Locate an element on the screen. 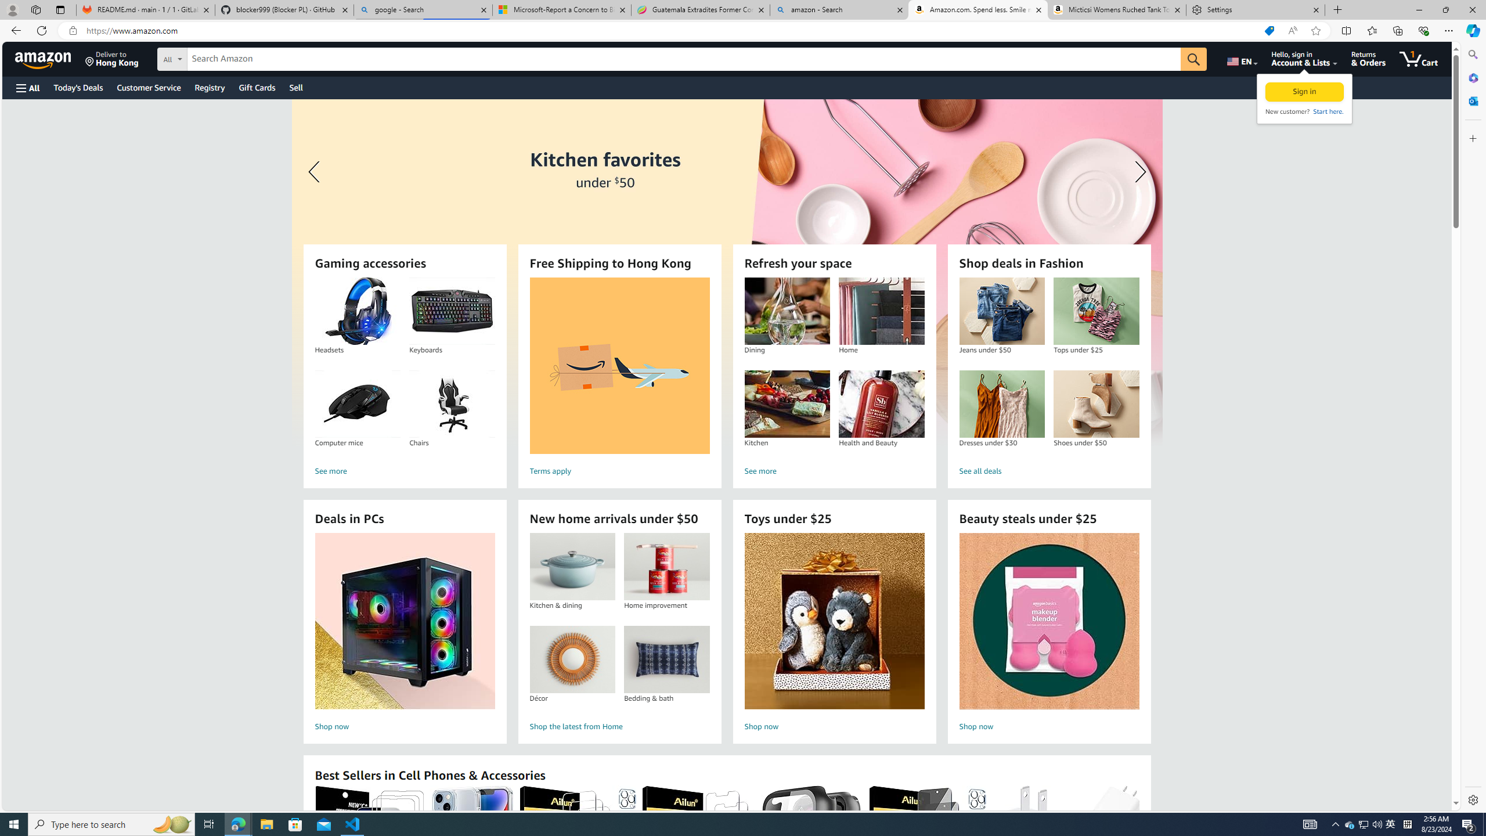  'Free Shipping to Hong Kong Terms apply' is located at coordinates (619, 378).